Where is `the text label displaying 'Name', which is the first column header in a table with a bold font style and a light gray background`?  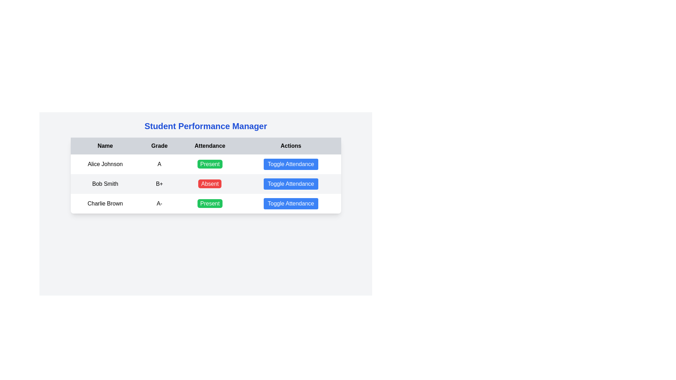
the text label displaying 'Name', which is the first column header in a table with a bold font style and a light gray background is located at coordinates (105, 146).